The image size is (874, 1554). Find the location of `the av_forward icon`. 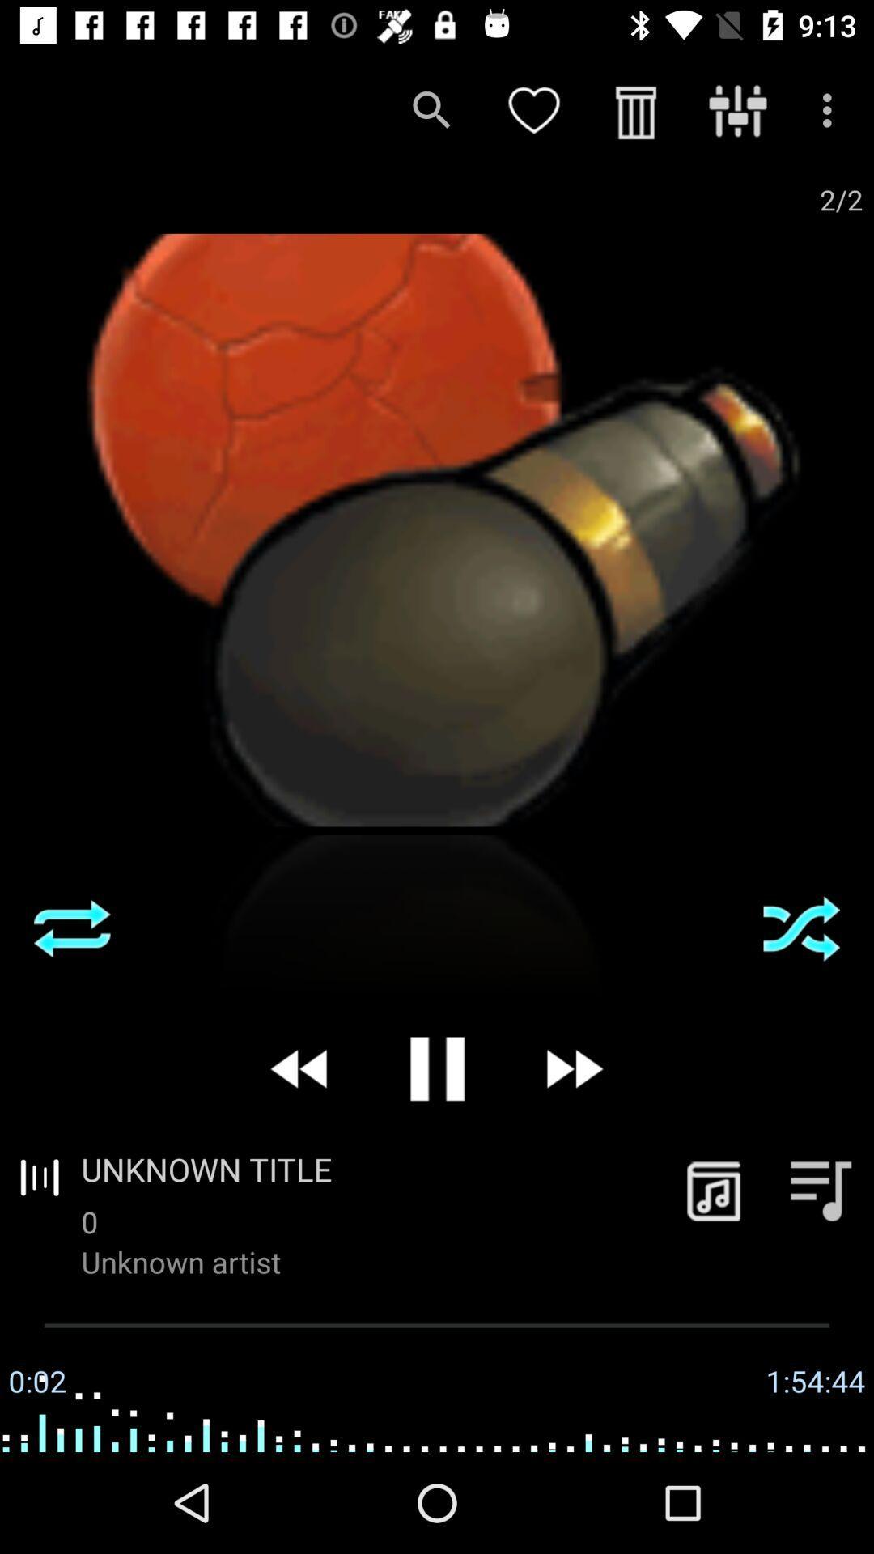

the av_forward icon is located at coordinates (572, 1068).